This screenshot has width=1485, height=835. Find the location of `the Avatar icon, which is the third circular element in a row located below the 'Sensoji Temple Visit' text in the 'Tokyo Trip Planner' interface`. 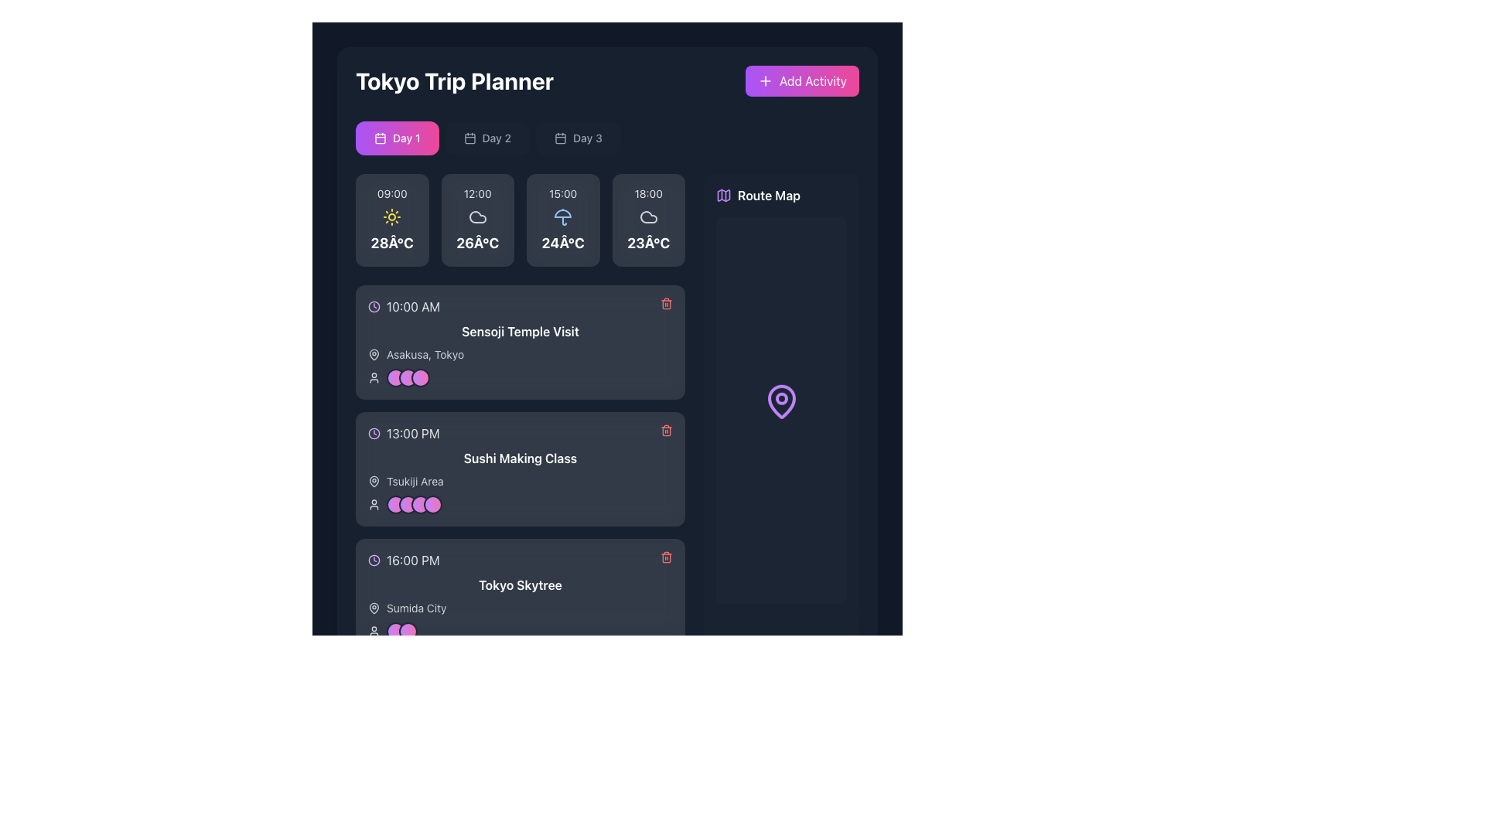

the Avatar icon, which is the third circular element in a row located below the 'Sensoji Temple Visit' text in the 'Tokyo Trip Planner' interface is located at coordinates (420, 378).